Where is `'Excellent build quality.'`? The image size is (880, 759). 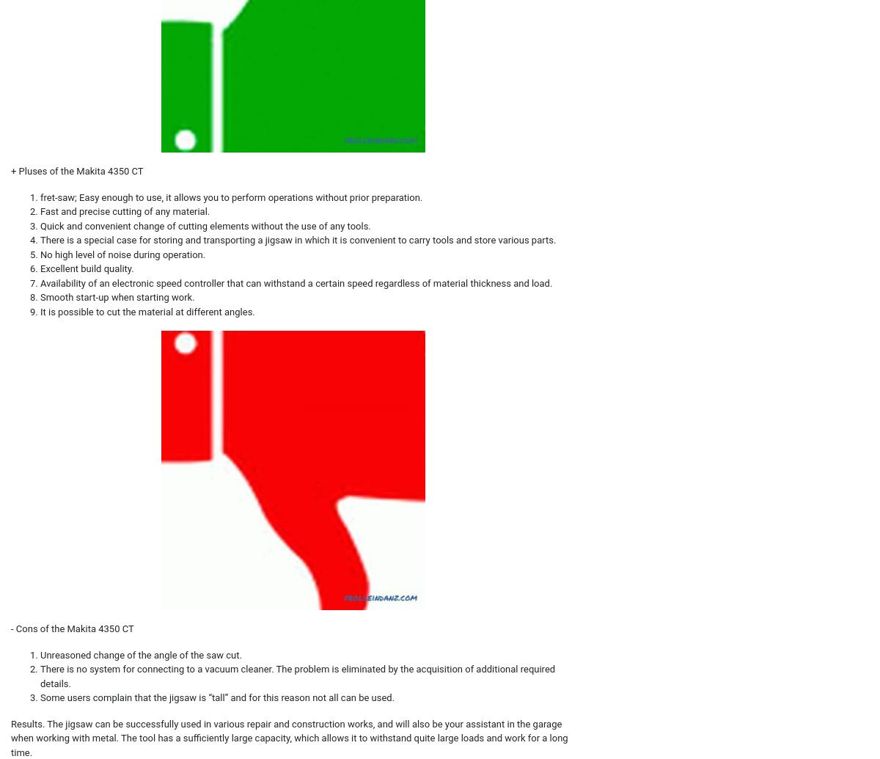 'Excellent build quality.' is located at coordinates (40, 268).